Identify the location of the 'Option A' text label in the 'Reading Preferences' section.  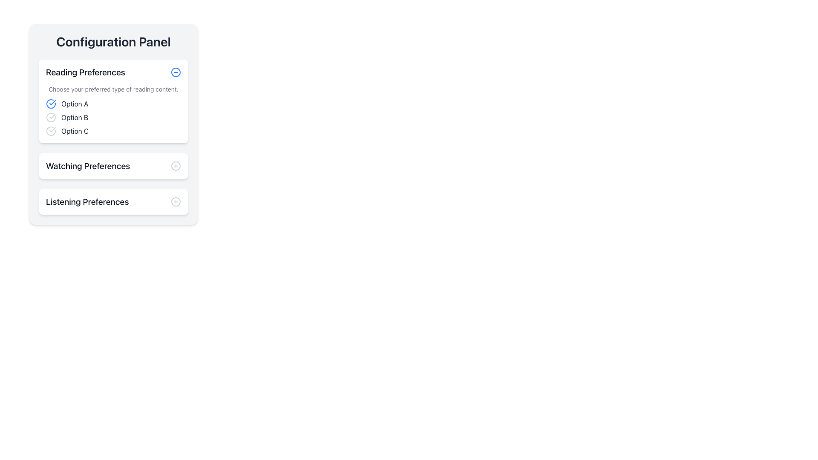
(75, 103).